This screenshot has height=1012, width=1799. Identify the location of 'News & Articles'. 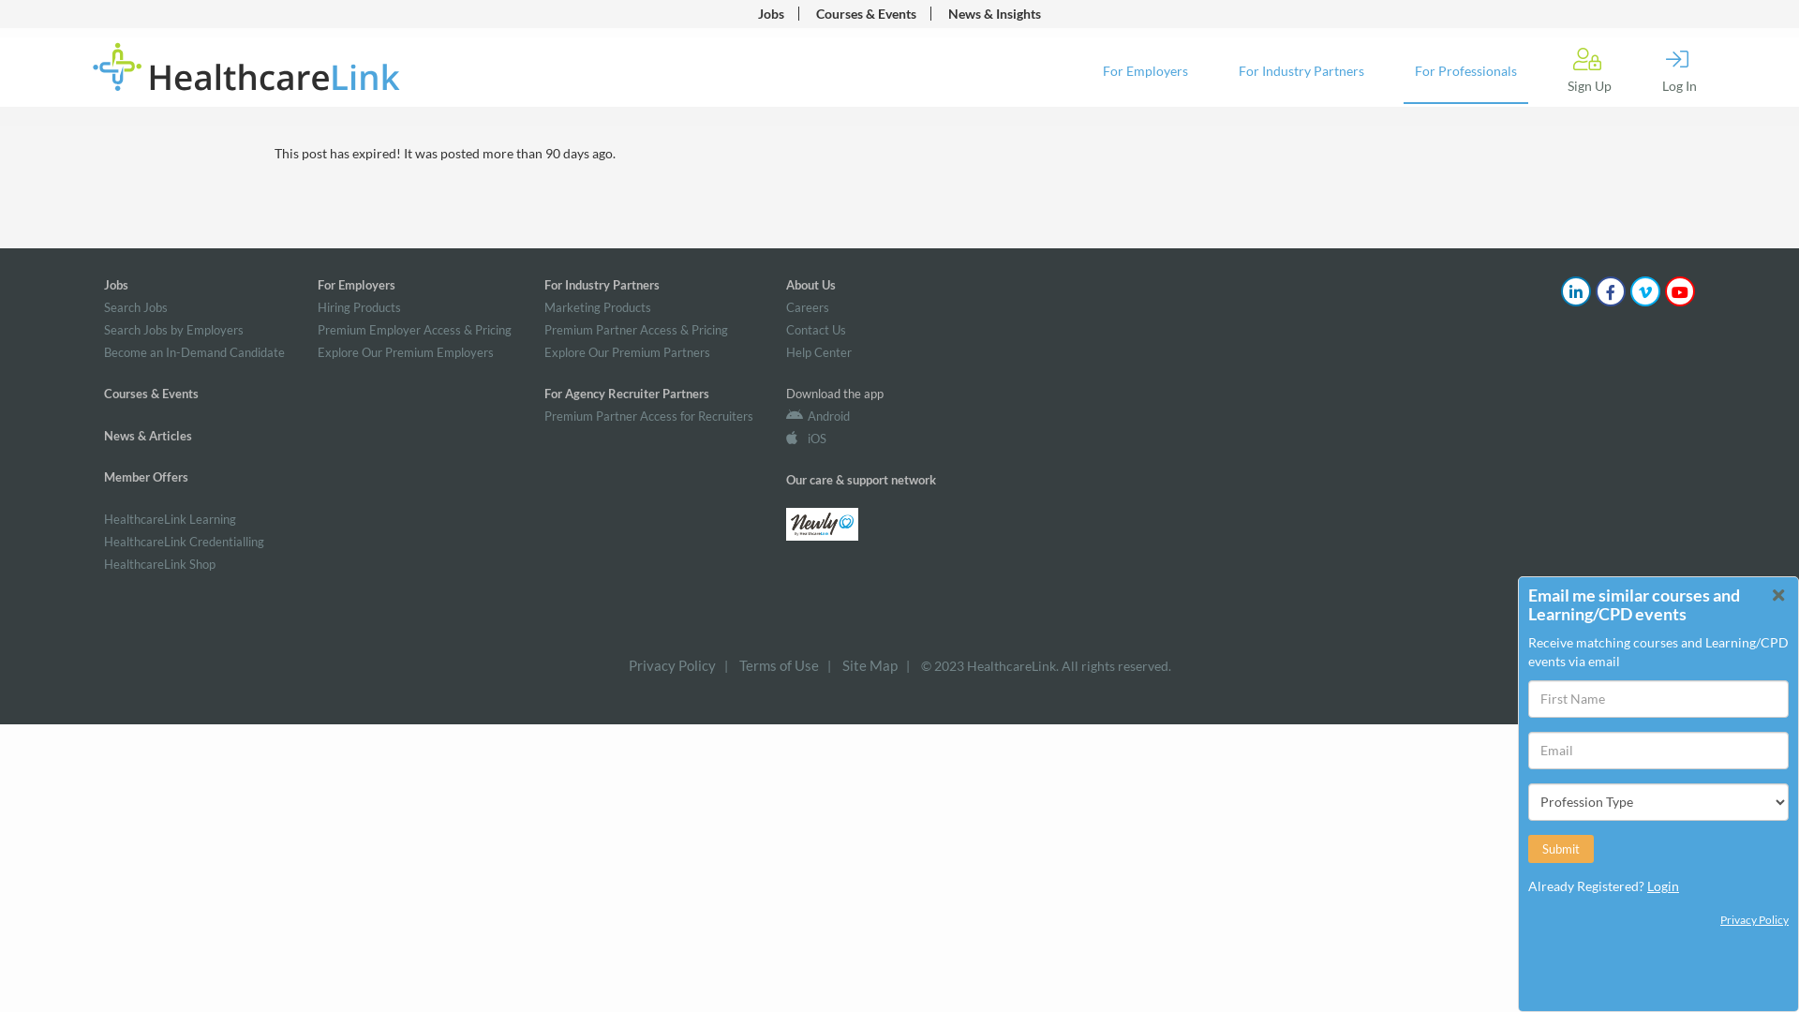
(147, 436).